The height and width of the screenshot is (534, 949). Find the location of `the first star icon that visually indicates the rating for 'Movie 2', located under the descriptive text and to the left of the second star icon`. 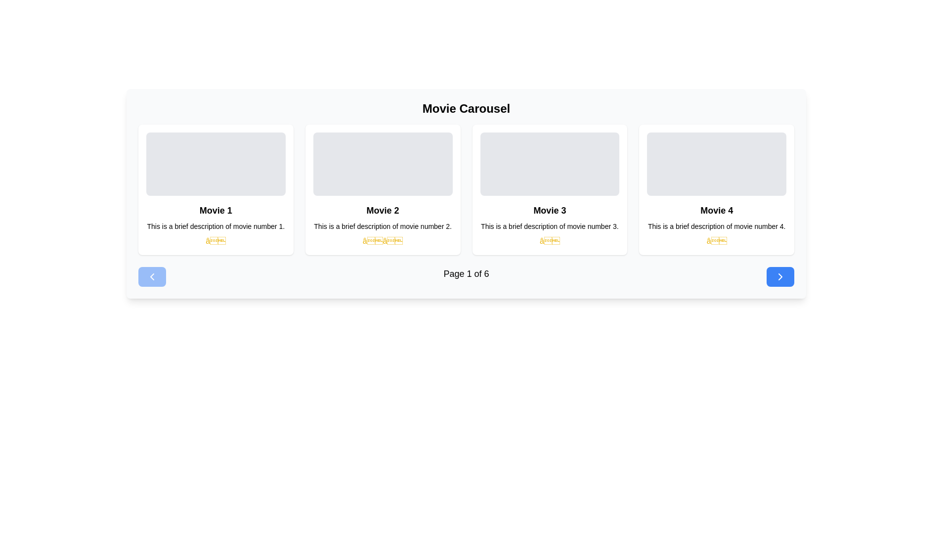

the first star icon that visually indicates the rating for 'Movie 2', located under the descriptive text and to the left of the second star icon is located at coordinates (372, 241).